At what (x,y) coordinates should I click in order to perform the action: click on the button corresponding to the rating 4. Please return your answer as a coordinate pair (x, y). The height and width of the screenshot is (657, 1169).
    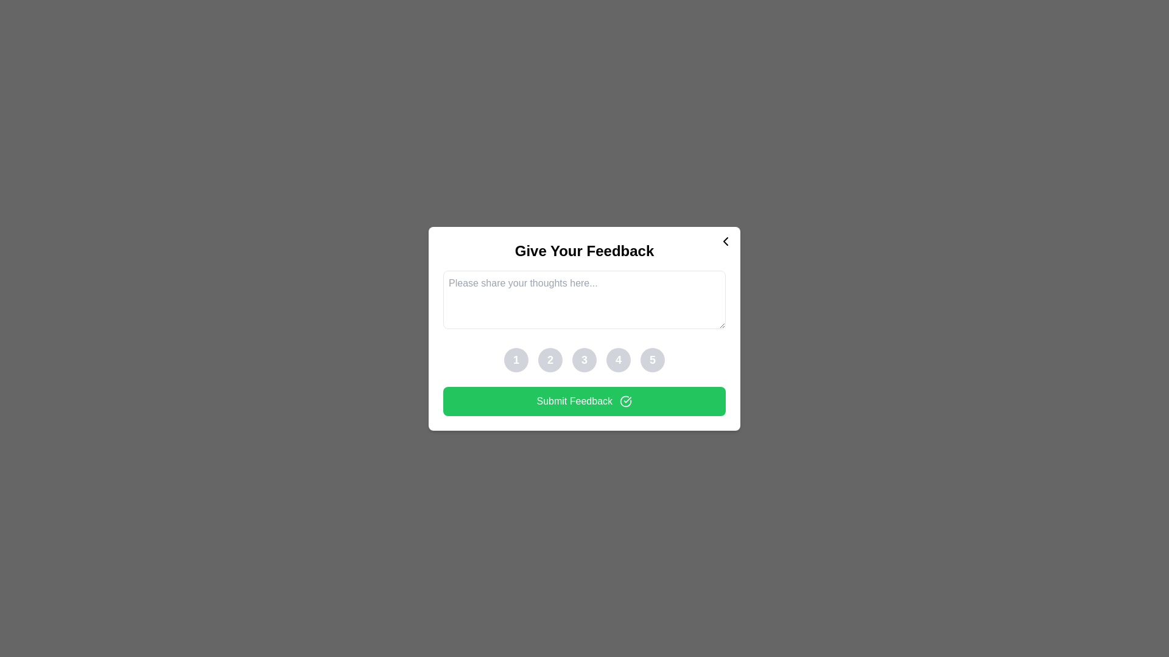
    Looking at the image, I should click on (619, 359).